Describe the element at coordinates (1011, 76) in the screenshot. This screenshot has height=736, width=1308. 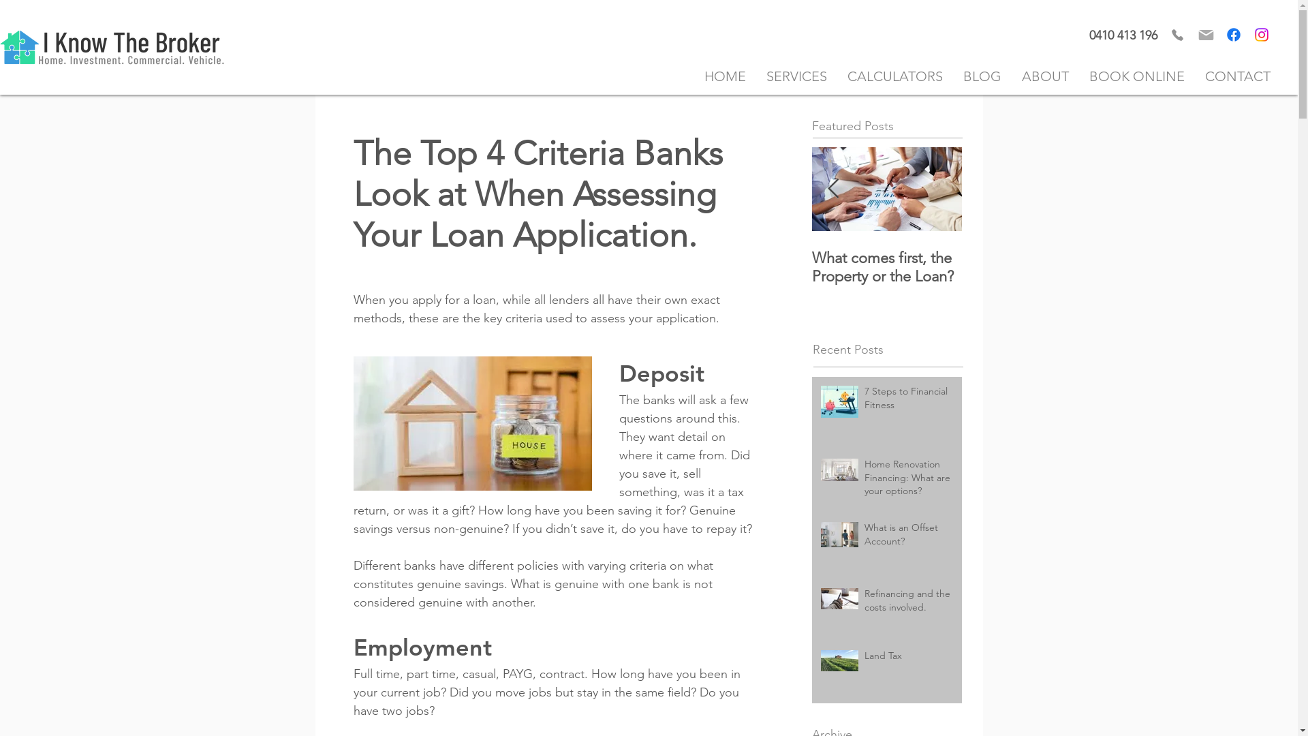
I see `'ABOUT'` at that location.